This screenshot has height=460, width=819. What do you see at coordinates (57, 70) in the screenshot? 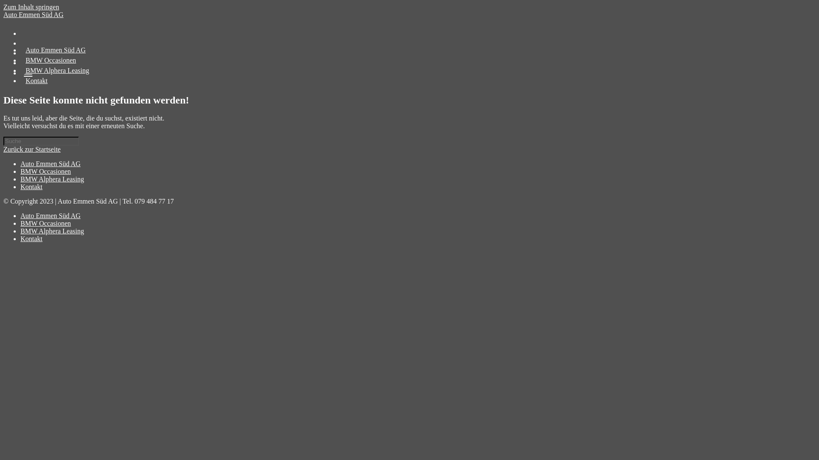
I see `'BMW Alphera Leasing'` at bounding box center [57, 70].